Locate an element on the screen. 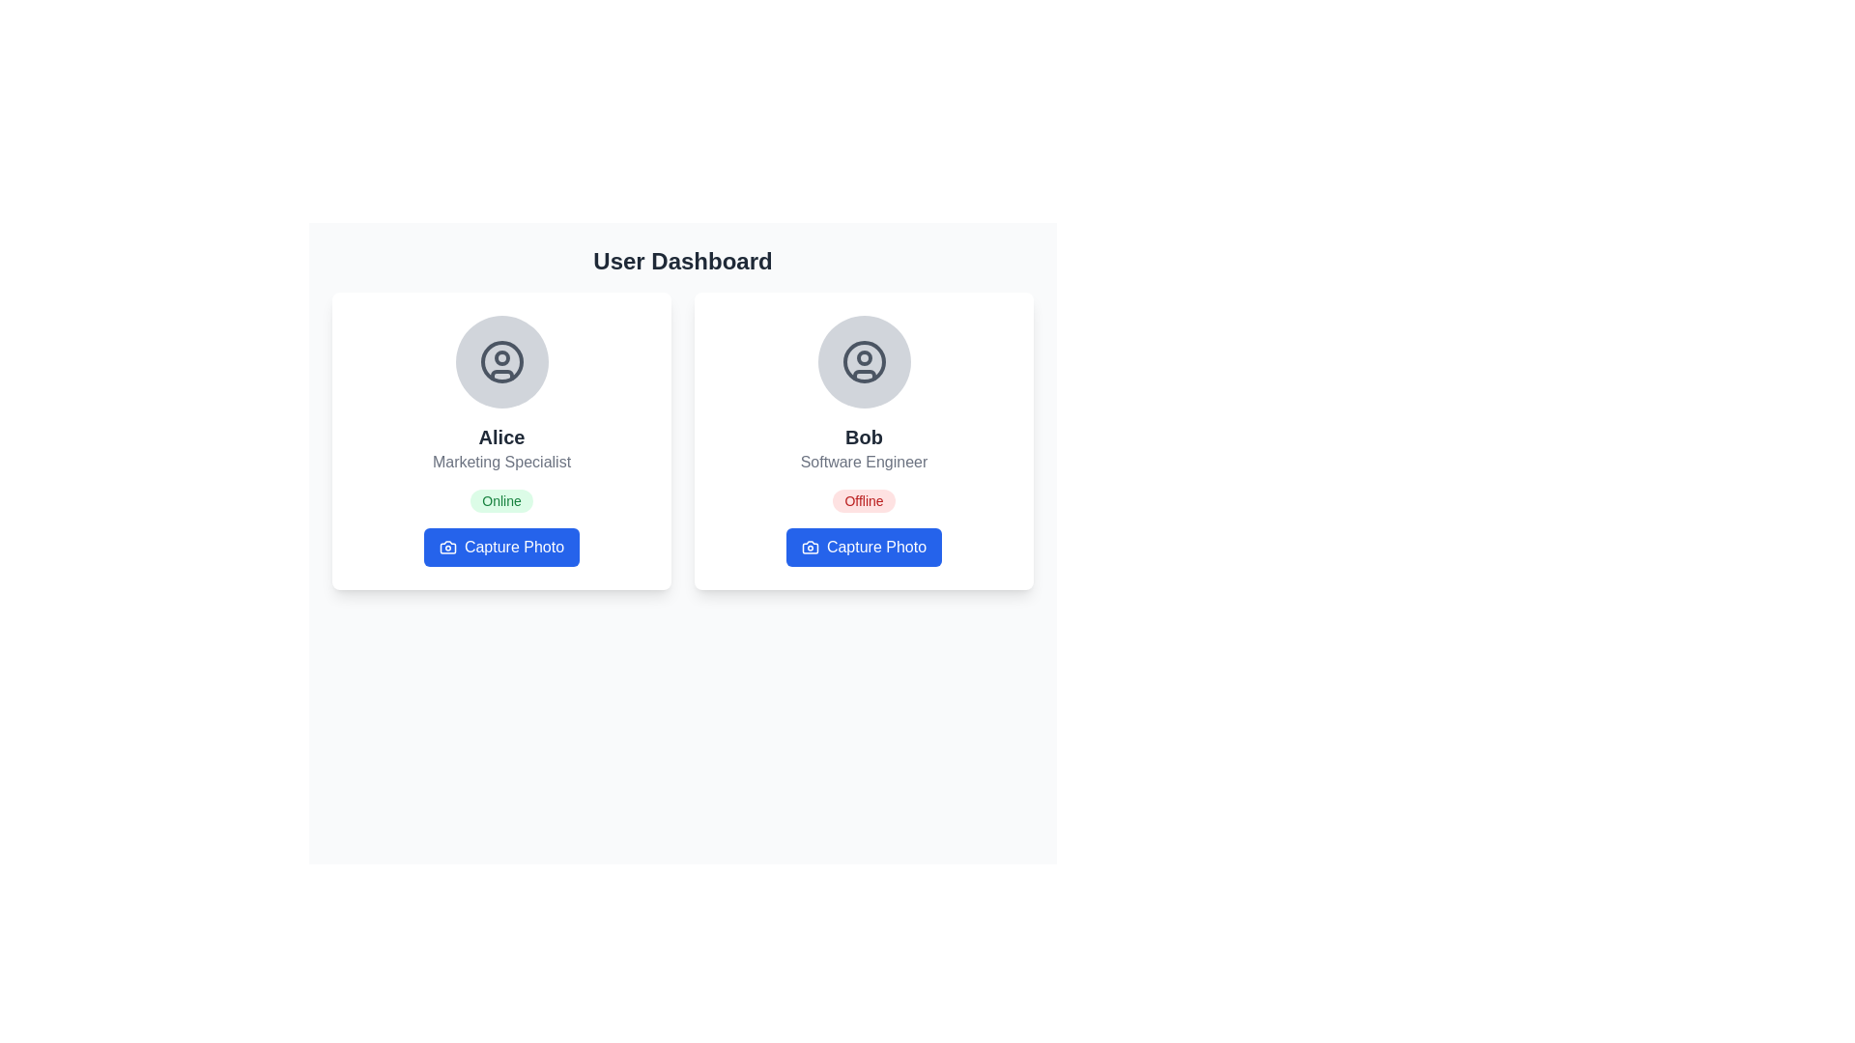  the text label displaying 'Bob' in bold, black font, located in the center of the second user card from the left is located at coordinates (863, 437).